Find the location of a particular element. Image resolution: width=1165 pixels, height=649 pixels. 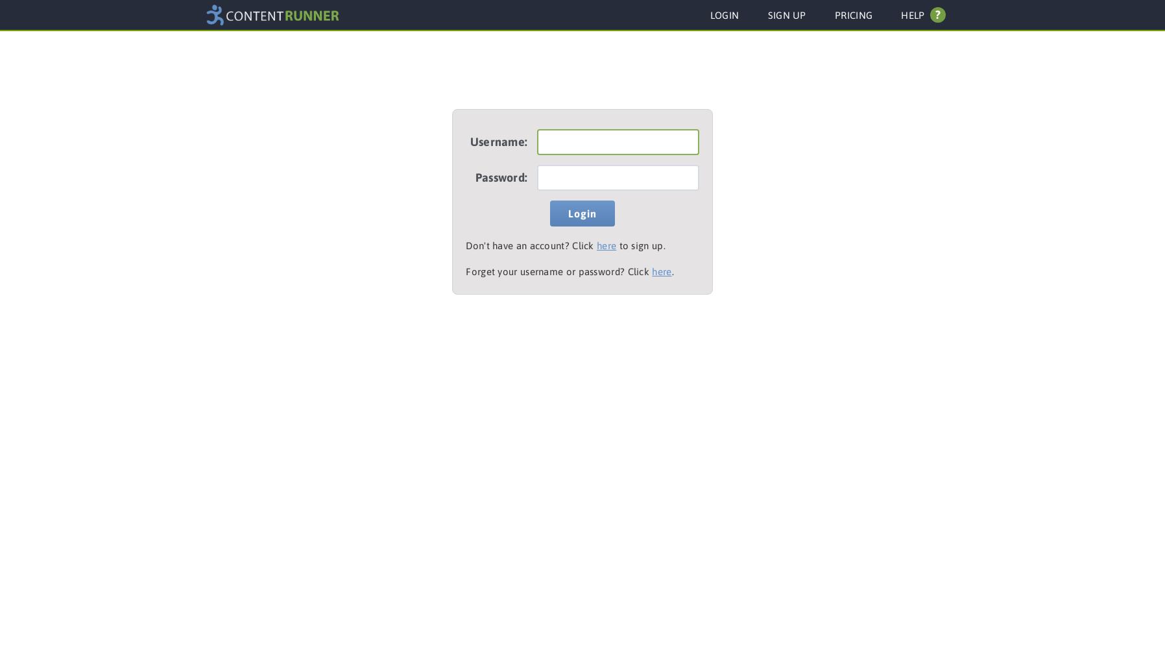

'Forget your username or password?  Click' is located at coordinates (558, 271).